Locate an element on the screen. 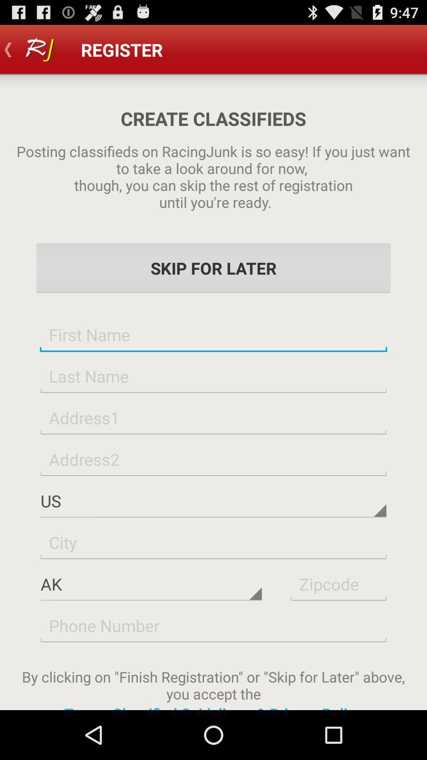  address is located at coordinates (213, 417).